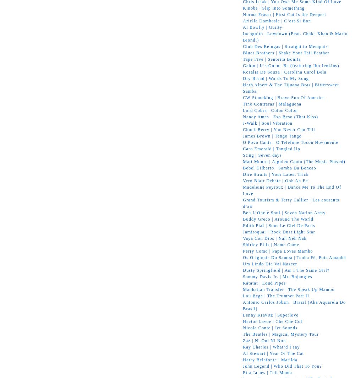 Image resolution: width=355 pixels, height=378 pixels. Describe the element at coordinates (278, 218) in the screenshot. I see `'Buddy Greco | Around The World'` at that location.